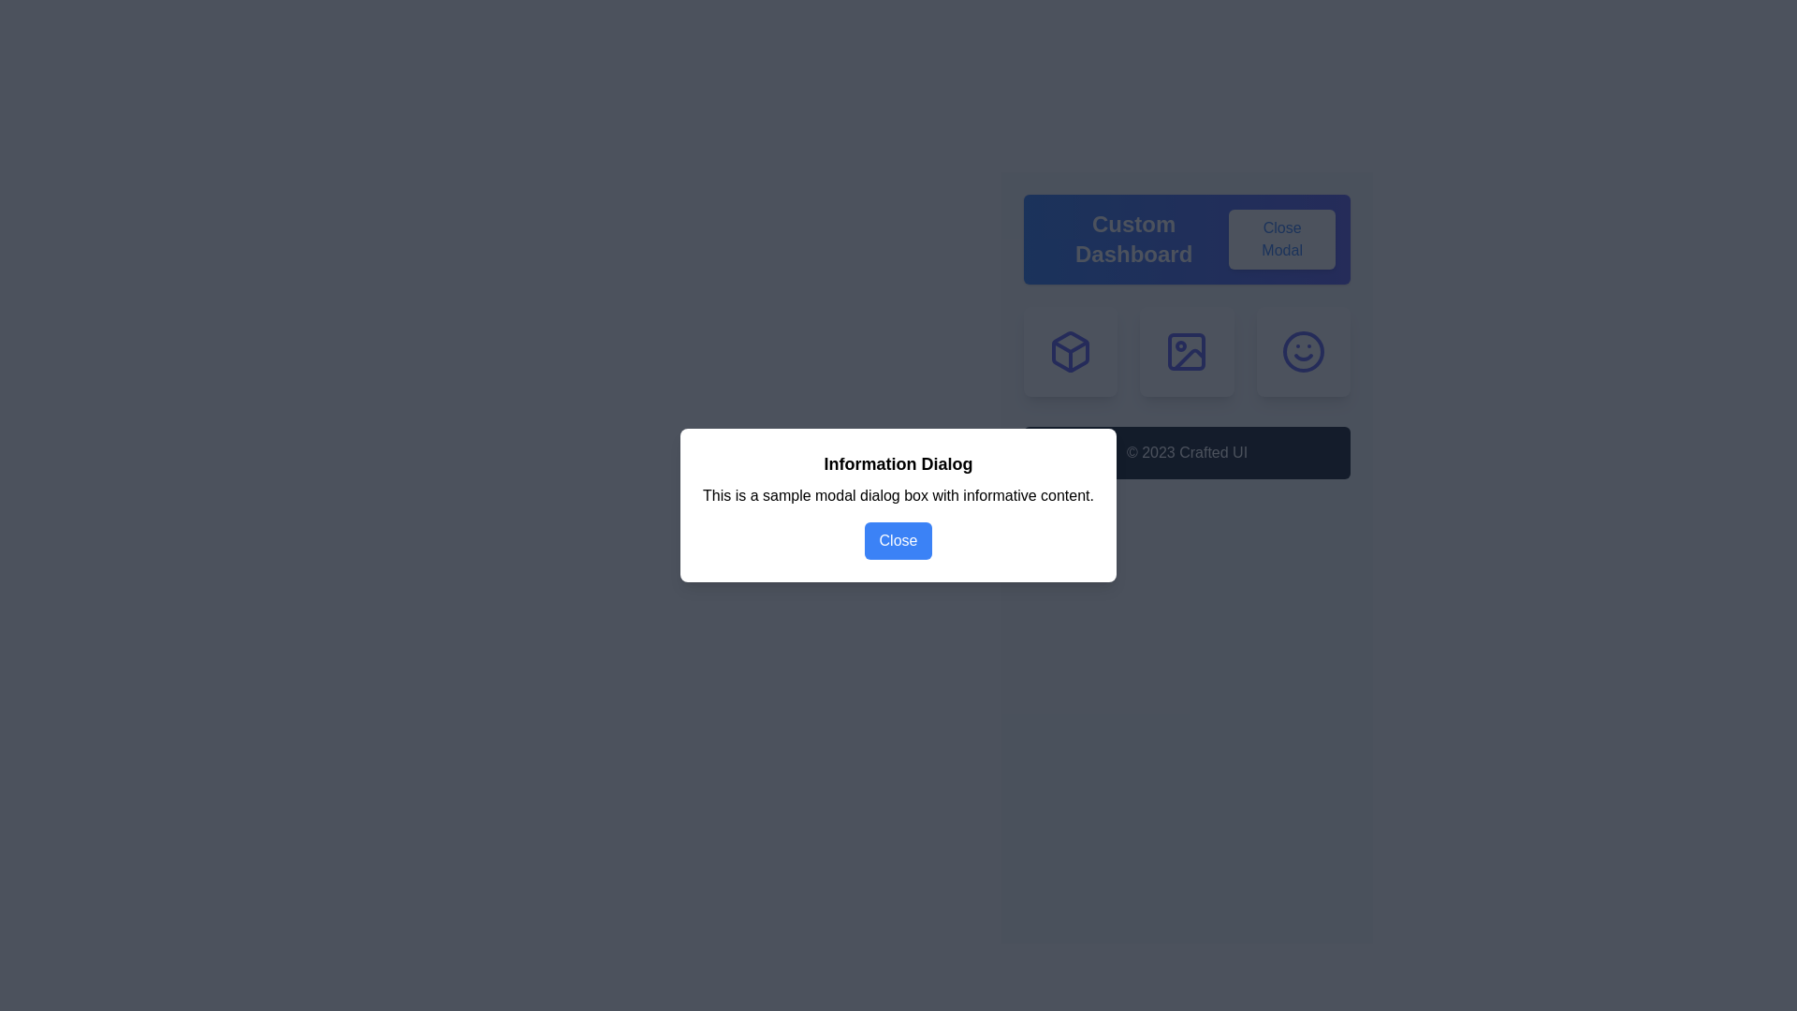  I want to click on the indigo image icon with a rounded rectangular outline that features smaller shapes like a circle and a mountain design, located in the second position of a three-icon grid layout, so click(1186, 351).